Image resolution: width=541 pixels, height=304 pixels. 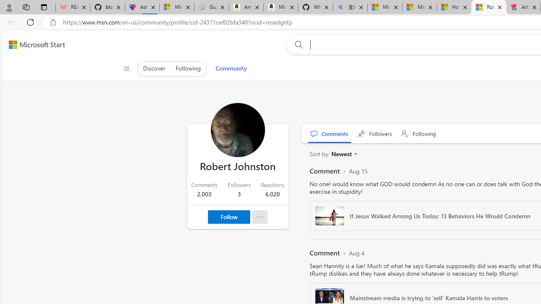 What do you see at coordinates (229, 217) in the screenshot?
I see `'Follow'` at bounding box center [229, 217].